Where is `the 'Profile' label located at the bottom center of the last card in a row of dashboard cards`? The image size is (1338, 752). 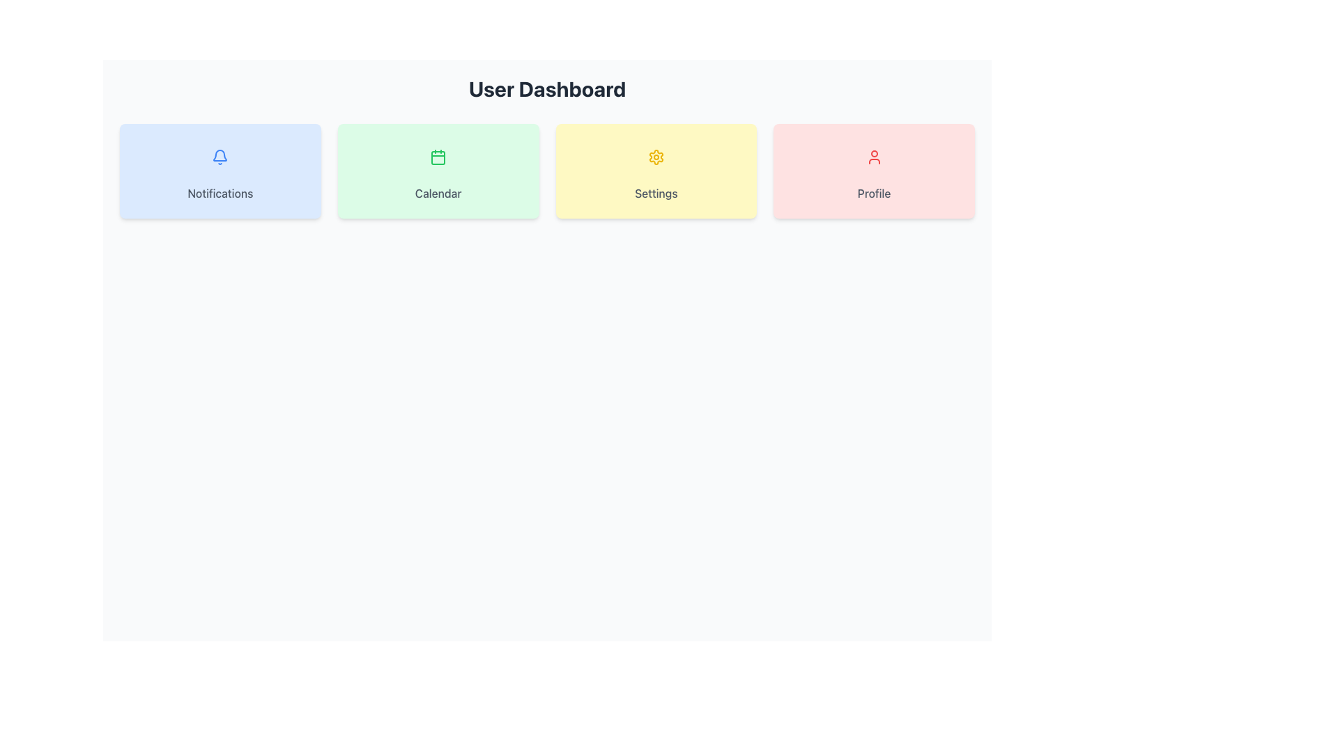
the 'Profile' label located at the bottom center of the last card in a row of dashboard cards is located at coordinates (873, 193).